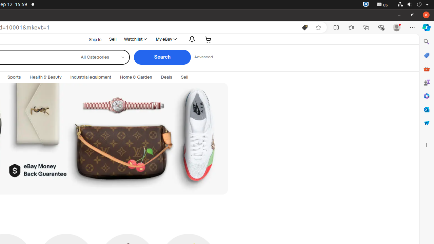 The width and height of the screenshot is (434, 244). I want to click on ':1.72/StatusNotifierItem', so click(366, 4).